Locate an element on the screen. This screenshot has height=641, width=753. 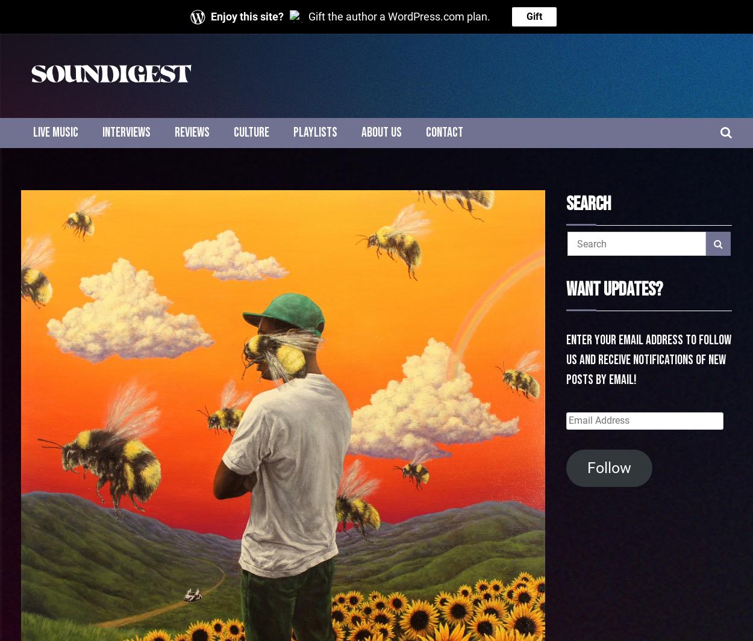
'Enter your email address to follow us and receive notifications of new posts by email!' is located at coordinates (566, 360).